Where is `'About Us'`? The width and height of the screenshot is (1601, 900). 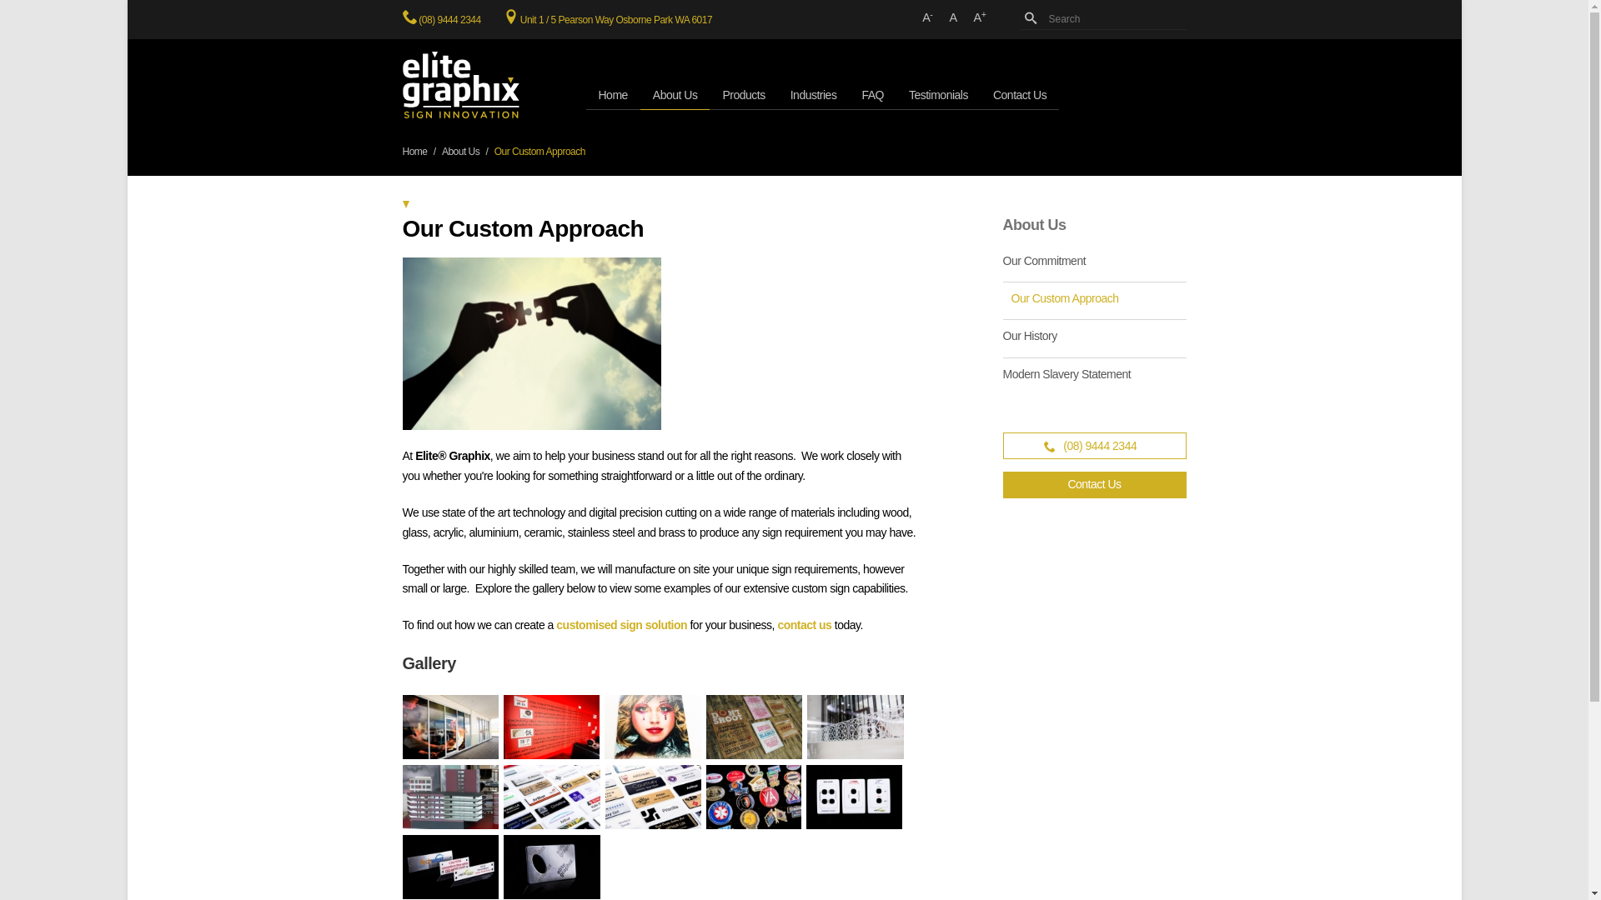 'About Us' is located at coordinates (675, 95).